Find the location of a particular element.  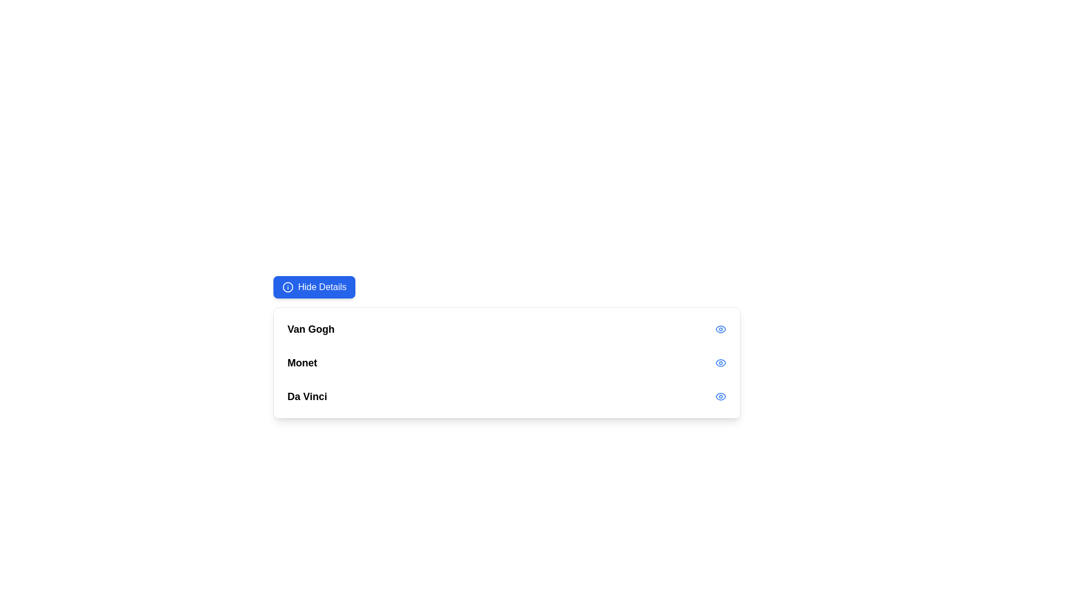

the eye icon located at the right end of the row containing the text 'Van Gogh' is located at coordinates (720, 328).